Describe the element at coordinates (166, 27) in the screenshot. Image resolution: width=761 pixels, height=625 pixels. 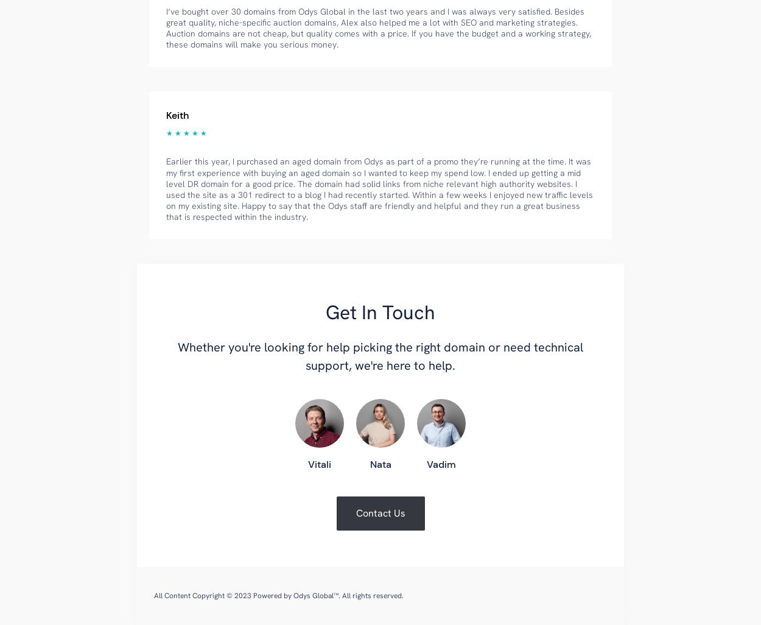
I see `'I’ve bought over 30 domains from Odys Global in the last two years and I was always very satisfied. Besides great quality, niche-specific auction domains, Alex also helped me a lot with SEO and marketing strategies. Auction domains are not cheap, but quality comes with a price. If you have the budget and a working strategy, these domains will make you serious money.'` at that location.